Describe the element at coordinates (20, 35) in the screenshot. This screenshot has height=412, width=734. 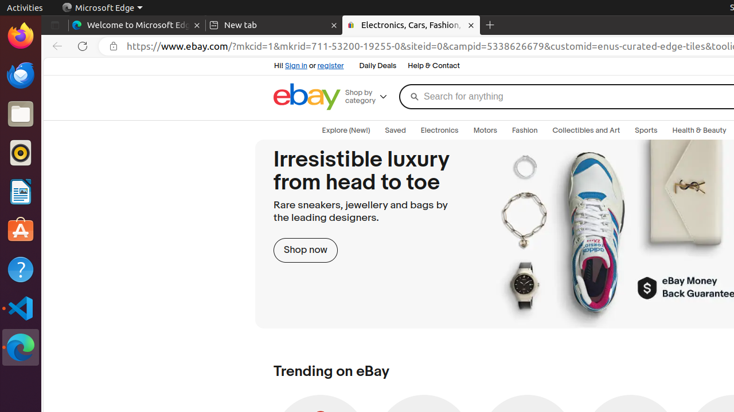
I see `'Firefox Web Browser'` at that location.